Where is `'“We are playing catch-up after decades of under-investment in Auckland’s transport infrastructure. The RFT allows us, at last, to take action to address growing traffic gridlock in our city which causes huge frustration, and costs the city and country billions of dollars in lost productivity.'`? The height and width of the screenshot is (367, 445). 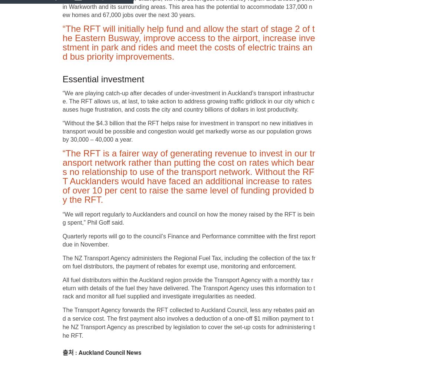 '“We are playing catch-up after decades of under-investment in Auckland’s transport infrastructure. The RFT allows us, at last, to take action to address growing traffic gridlock in our city which causes huge frustration, and costs the city and country billions of dollars in lost productivity.' is located at coordinates (188, 101).